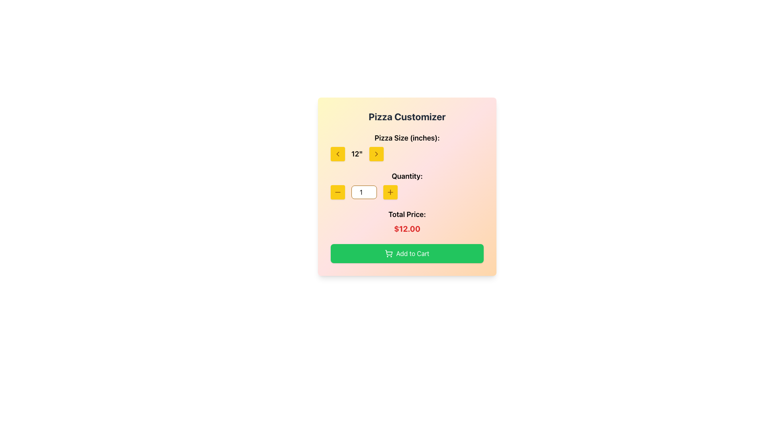 Image resolution: width=765 pixels, height=430 pixels. What do you see at coordinates (407, 221) in the screenshot?
I see `the total price display element located below the quantity selection section and above the 'Add to Cart' button in the 'Pizza Customizer' card` at bounding box center [407, 221].